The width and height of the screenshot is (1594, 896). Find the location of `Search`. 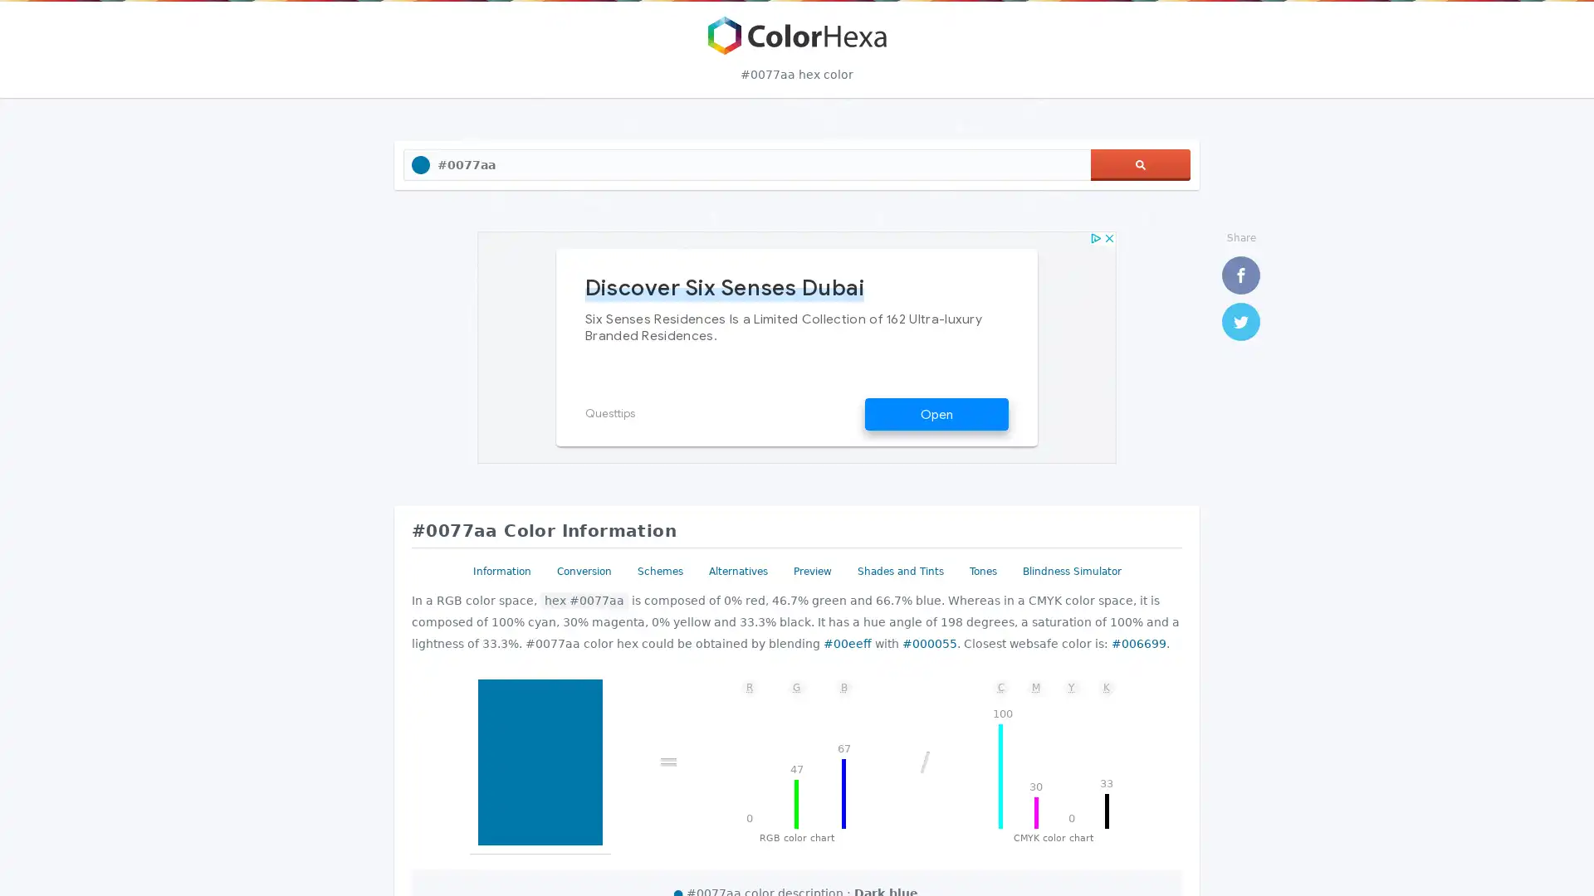

Search is located at coordinates (1139, 165).